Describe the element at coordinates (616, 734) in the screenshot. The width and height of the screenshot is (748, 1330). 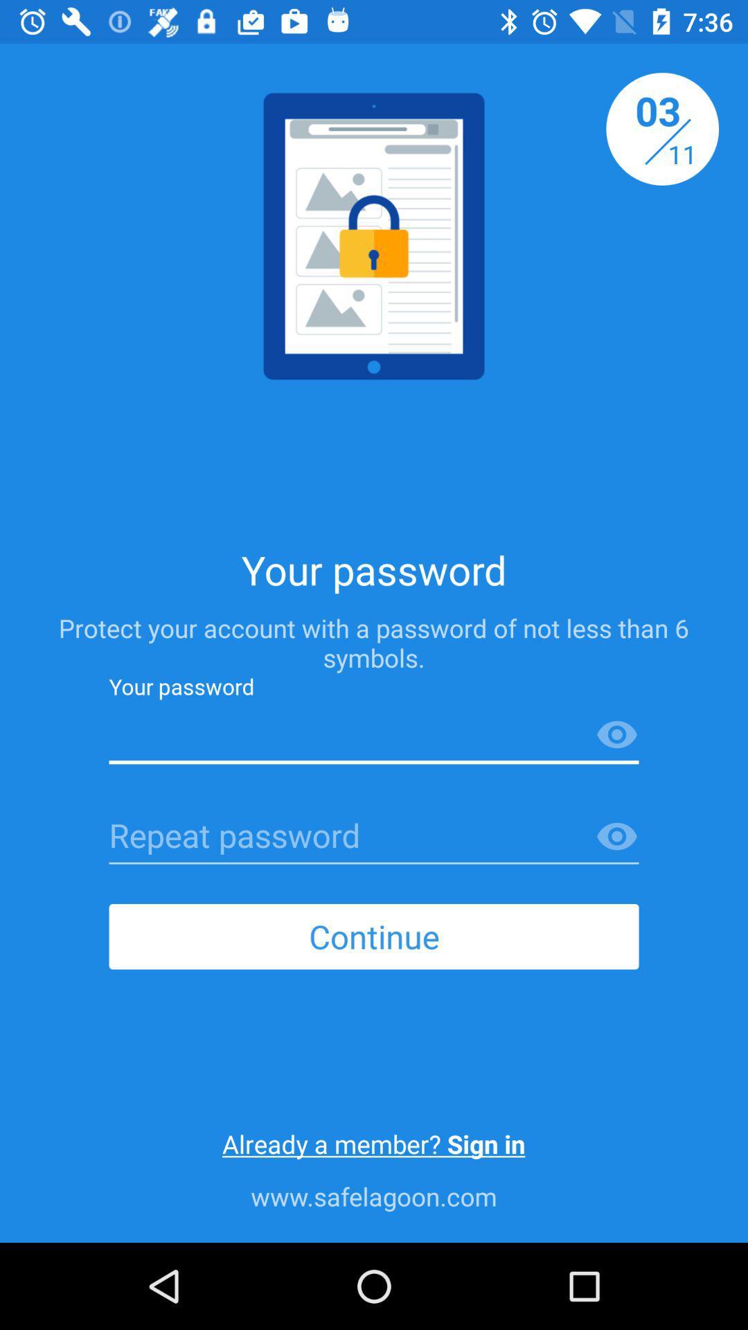
I see `show password` at that location.